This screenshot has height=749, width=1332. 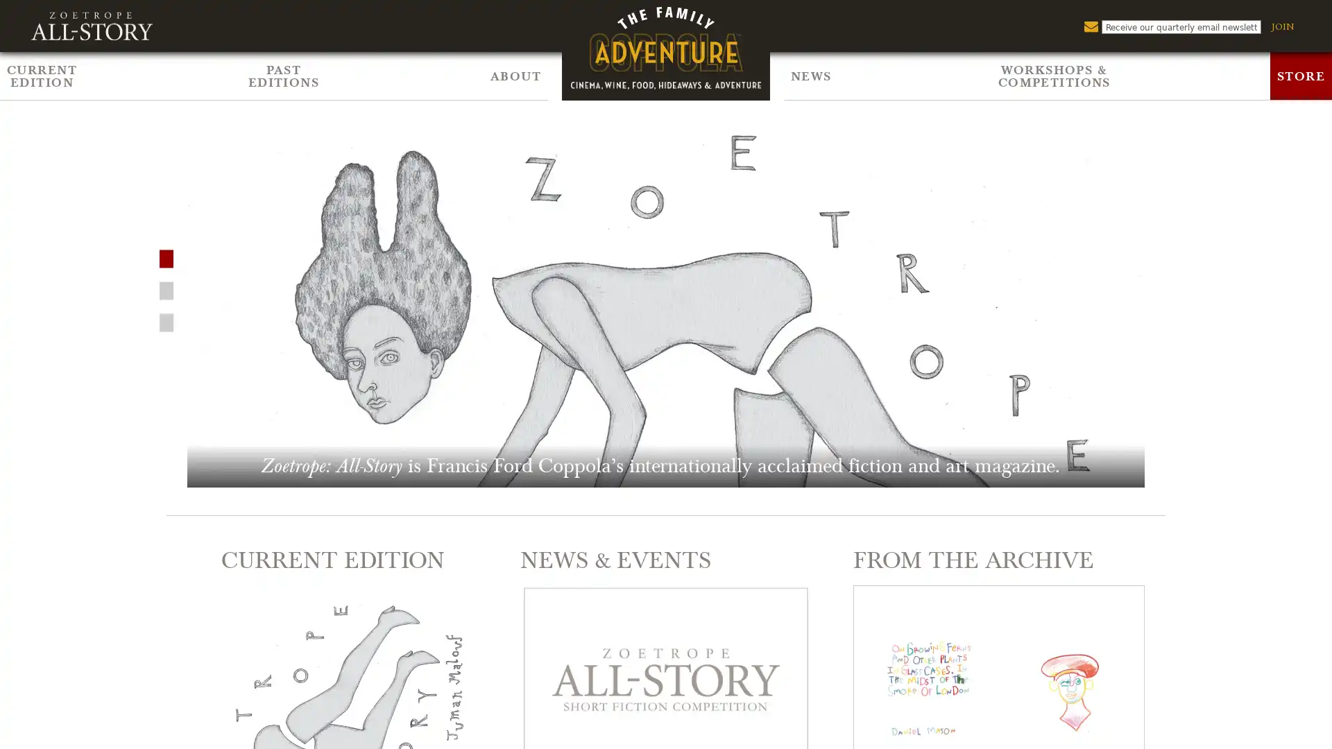 What do you see at coordinates (1281, 26) in the screenshot?
I see `JOIN` at bounding box center [1281, 26].